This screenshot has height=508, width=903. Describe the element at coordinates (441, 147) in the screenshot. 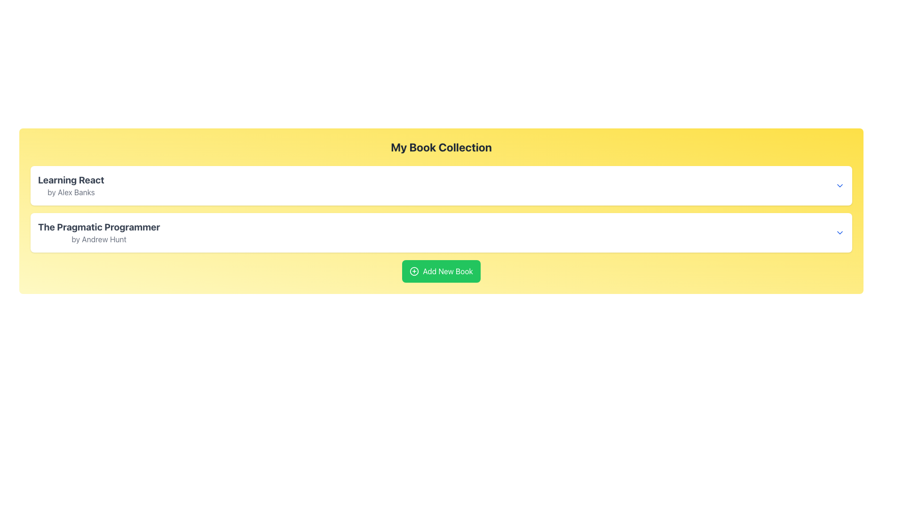

I see `the Text Header element of the 'My Book Collection' section, which is the title header positioned above the book listing in a yellow gradient area` at that location.